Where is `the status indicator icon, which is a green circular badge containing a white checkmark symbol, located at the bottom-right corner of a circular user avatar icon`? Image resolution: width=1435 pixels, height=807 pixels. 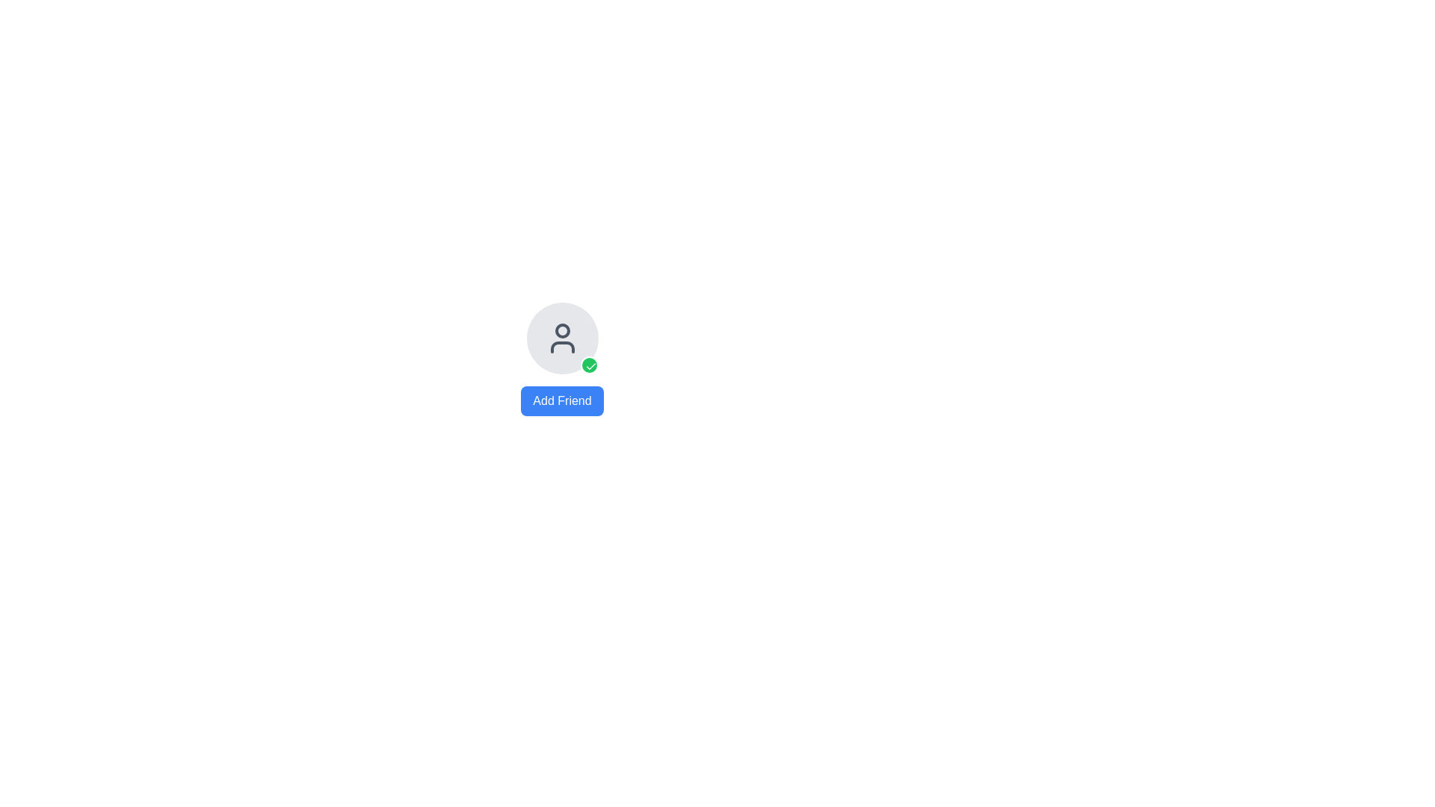 the status indicator icon, which is a green circular badge containing a white checkmark symbol, located at the bottom-right corner of a circular user avatar icon is located at coordinates (590, 366).